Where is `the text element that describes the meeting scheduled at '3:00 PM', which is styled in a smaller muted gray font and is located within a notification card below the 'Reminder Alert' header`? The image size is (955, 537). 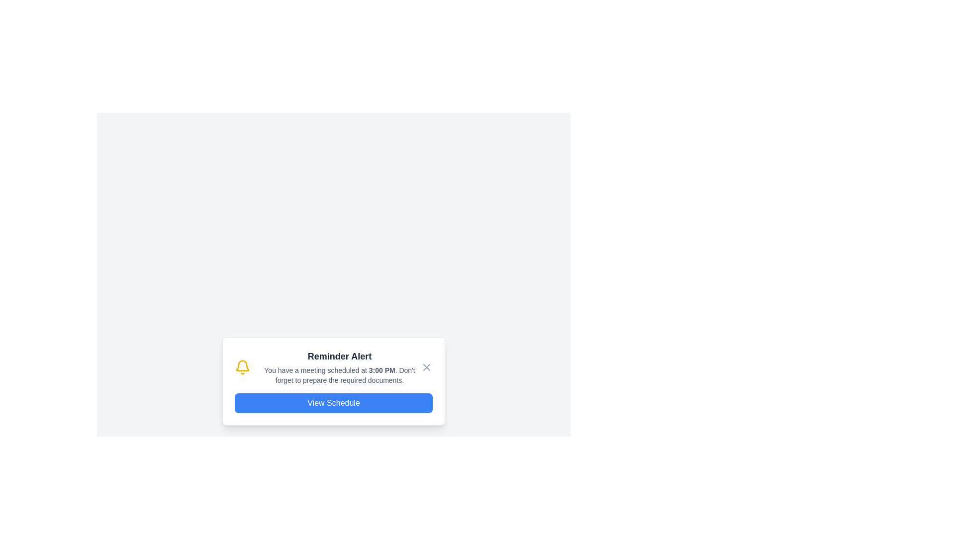 the text element that describes the meeting scheduled at '3:00 PM', which is styled in a smaller muted gray font and is located within a notification card below the 'Reminder Alert' header is located at coordinates (339, 375).